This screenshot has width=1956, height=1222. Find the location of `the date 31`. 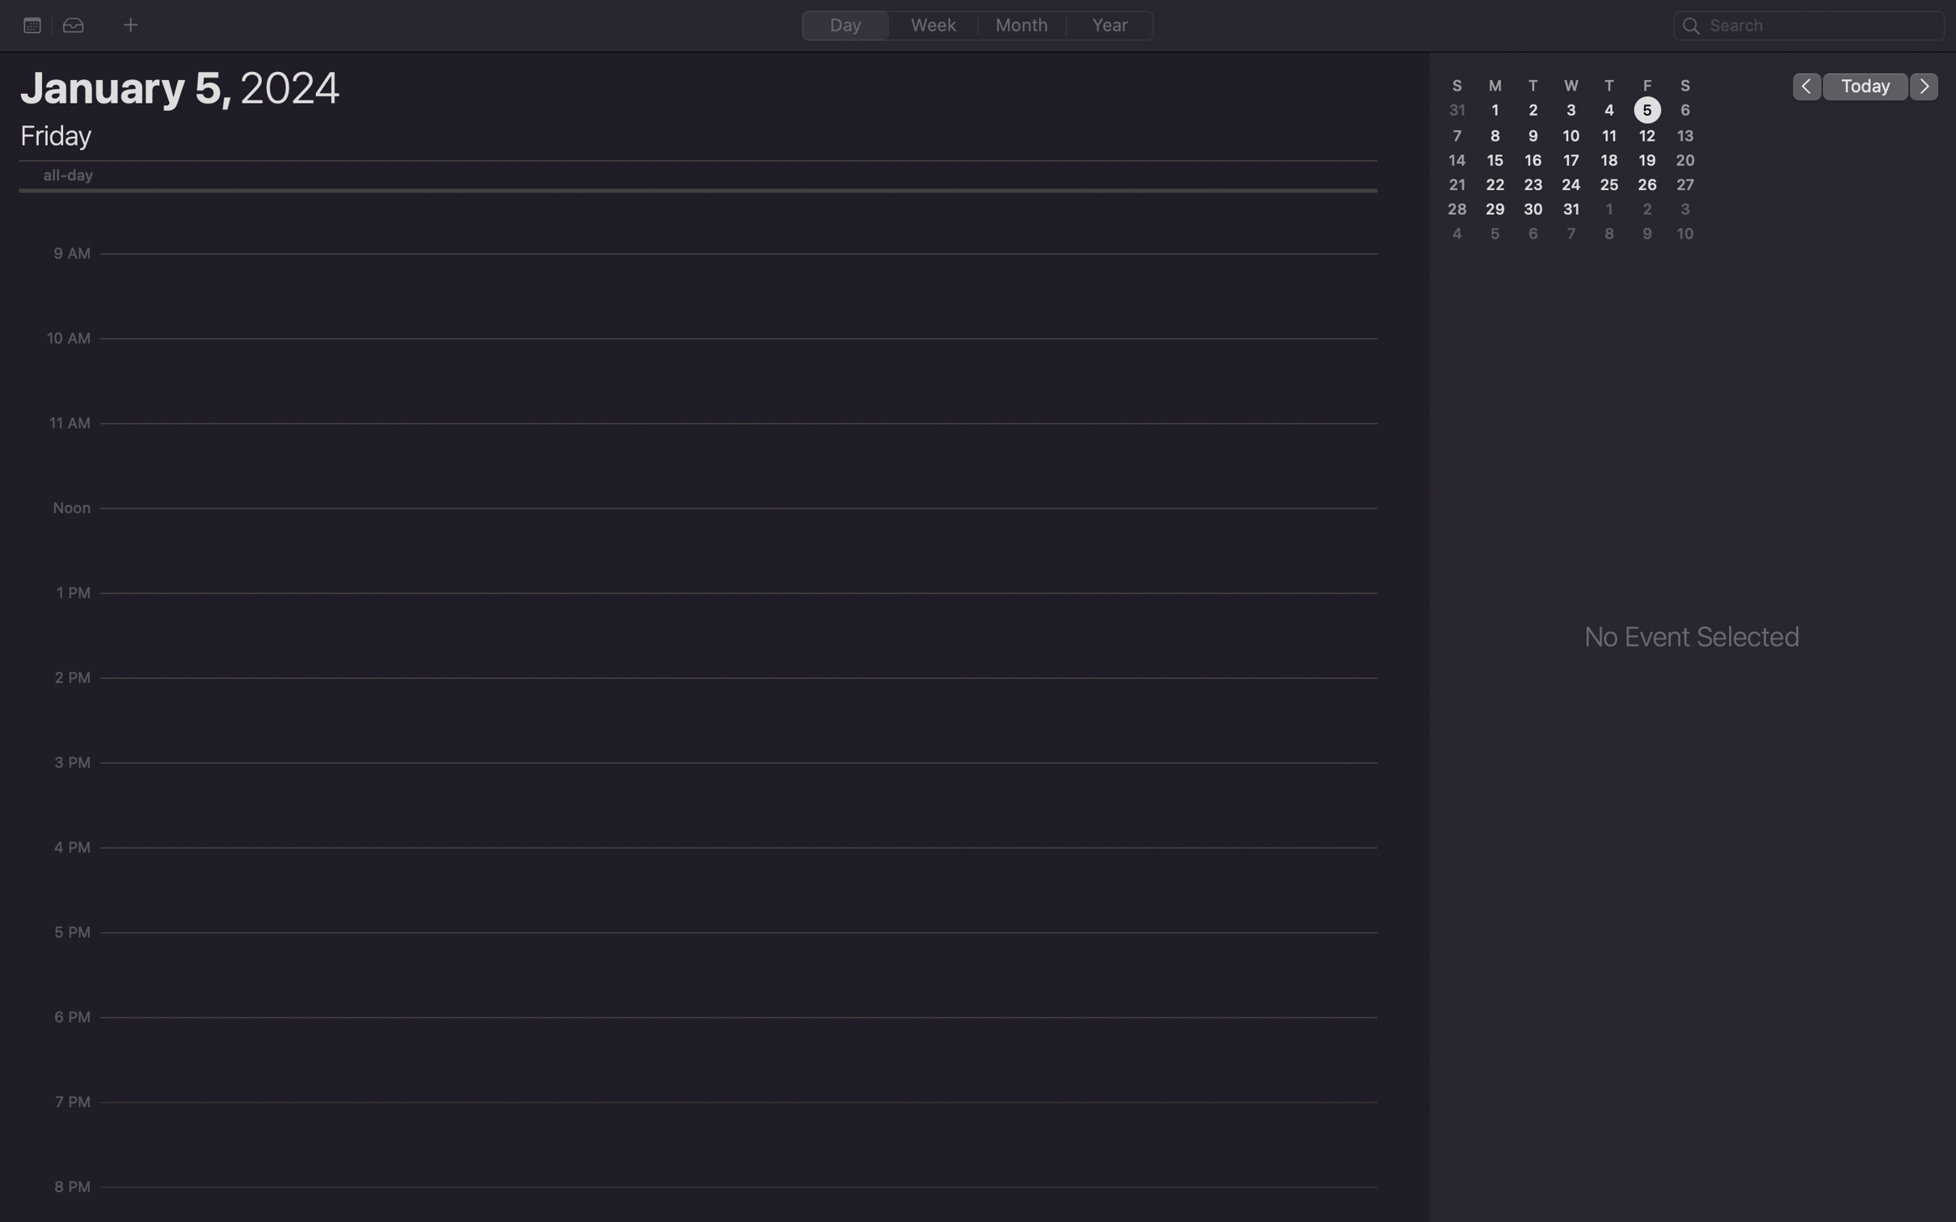

the date 31 is located at coordinates (1574, 210).